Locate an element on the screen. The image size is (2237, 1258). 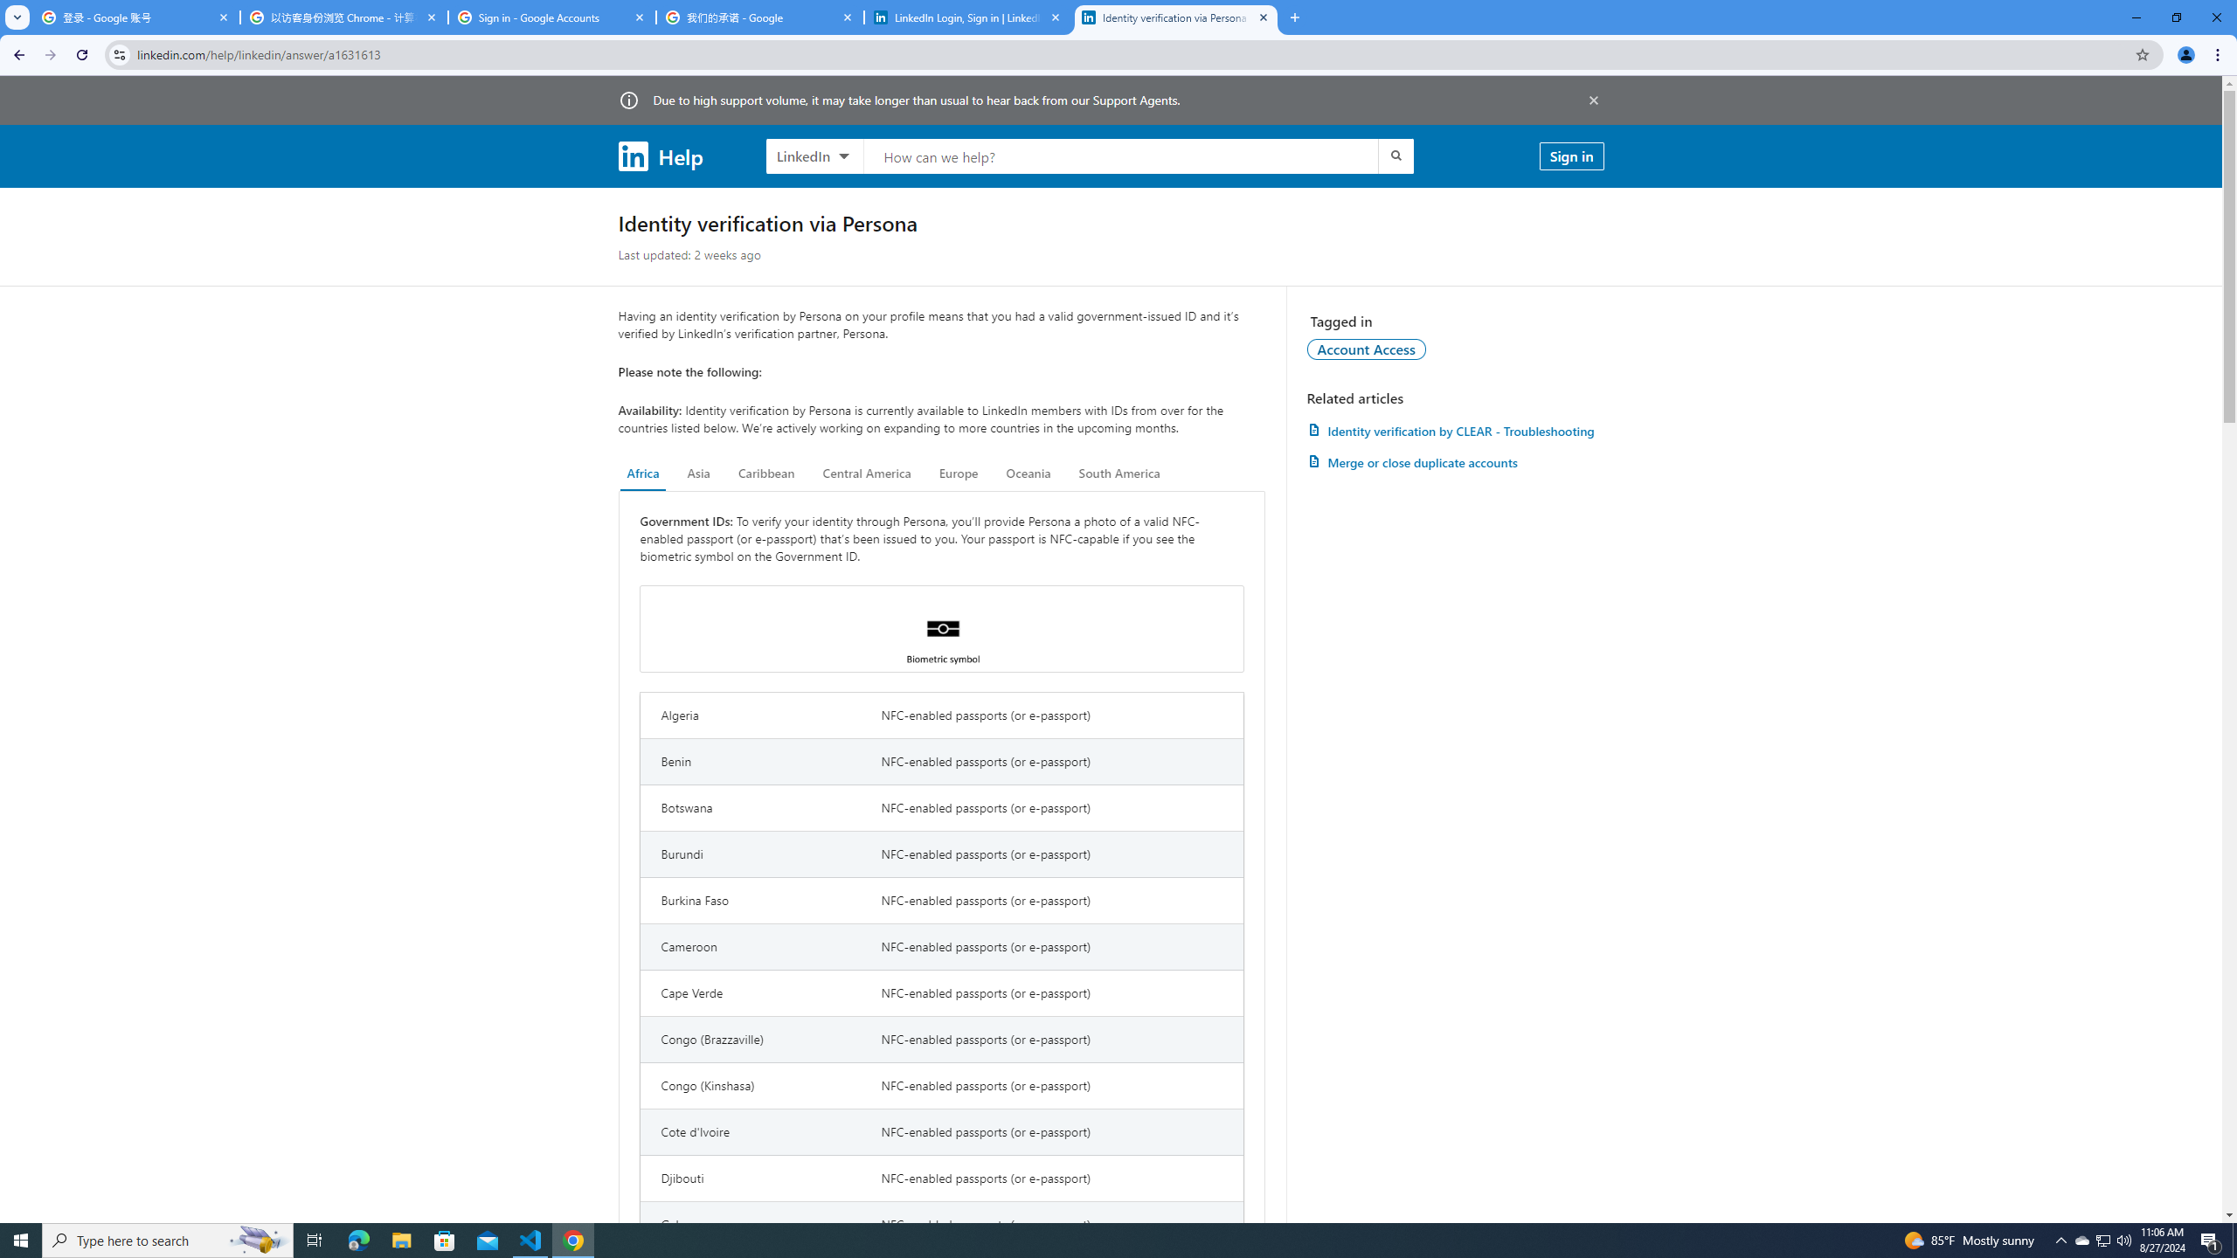
'Submit search' is located at coordinates (1396, 155).